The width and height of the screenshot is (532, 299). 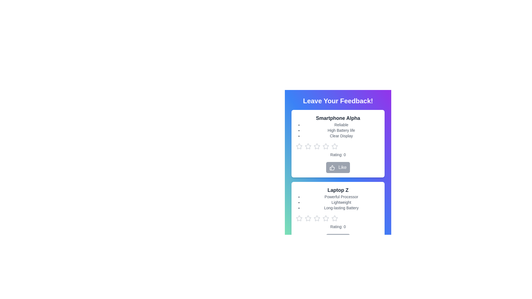 What do you see at coordinates (337, 155) in the screenshot?
I see `the text display showing 'Rating: 0', which is styled in gray and located below the row of stars for 'Smartphone Alpha'` at bounding box center [337, 155].